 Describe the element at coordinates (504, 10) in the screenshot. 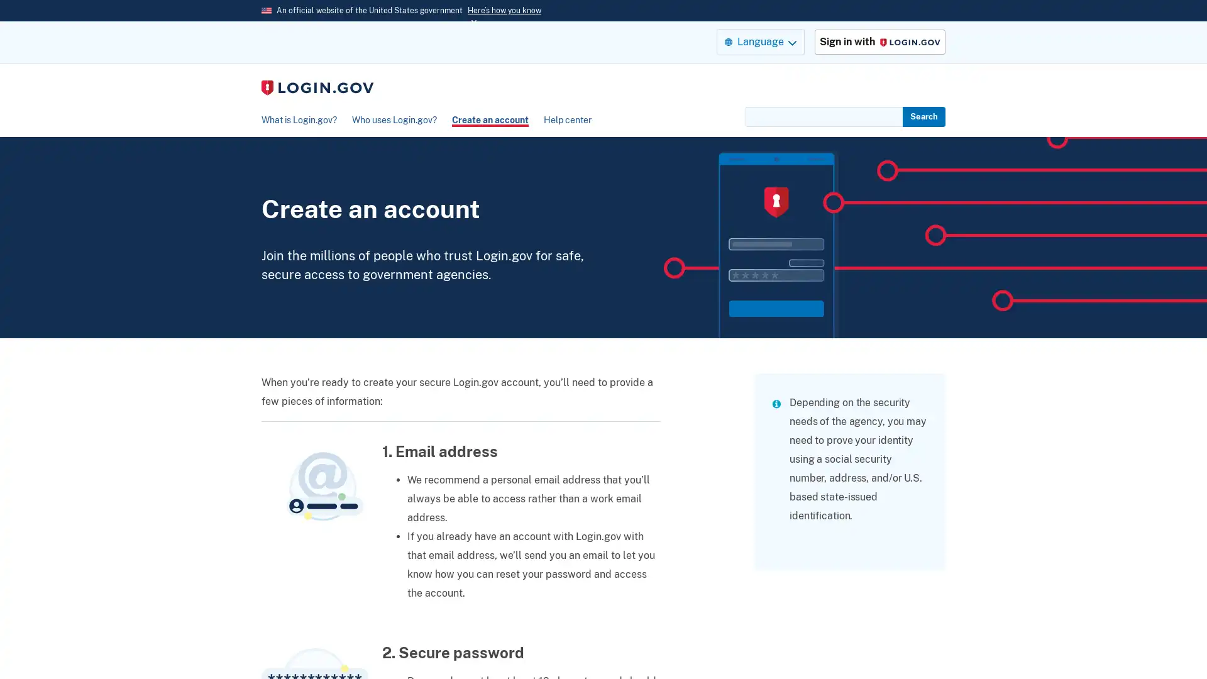

I see `Heres how you know` at that location.